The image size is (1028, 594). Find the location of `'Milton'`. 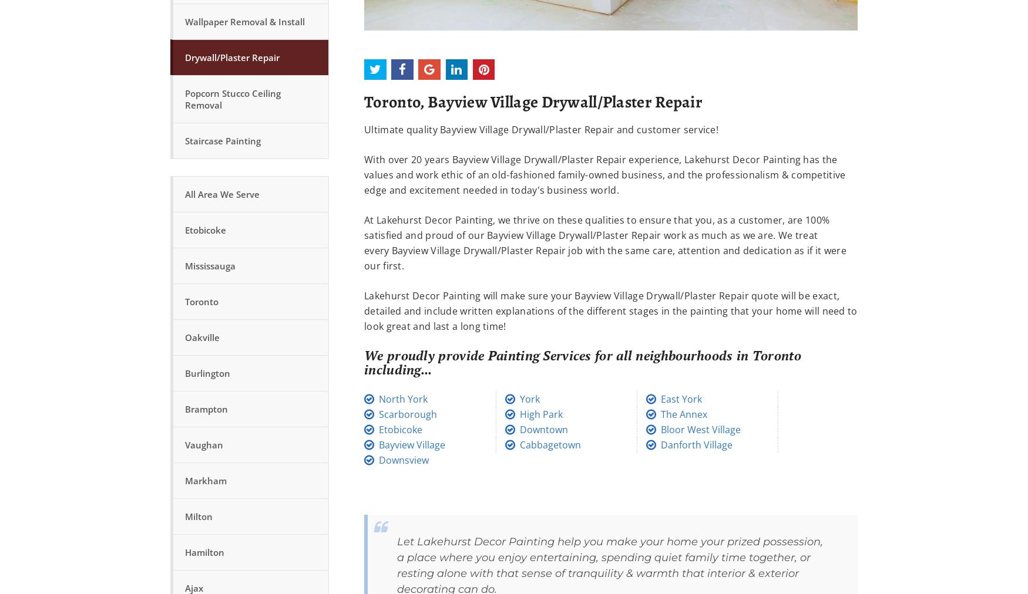

'Milton' is located at coordinates (185, 516).